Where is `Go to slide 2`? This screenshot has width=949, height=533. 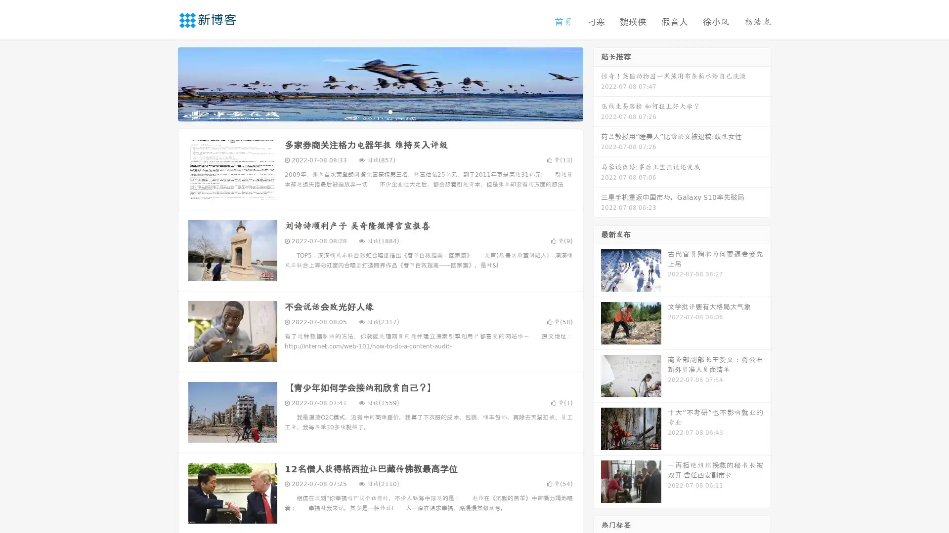
Go to slide 2 is located at coordinates (380, 111).